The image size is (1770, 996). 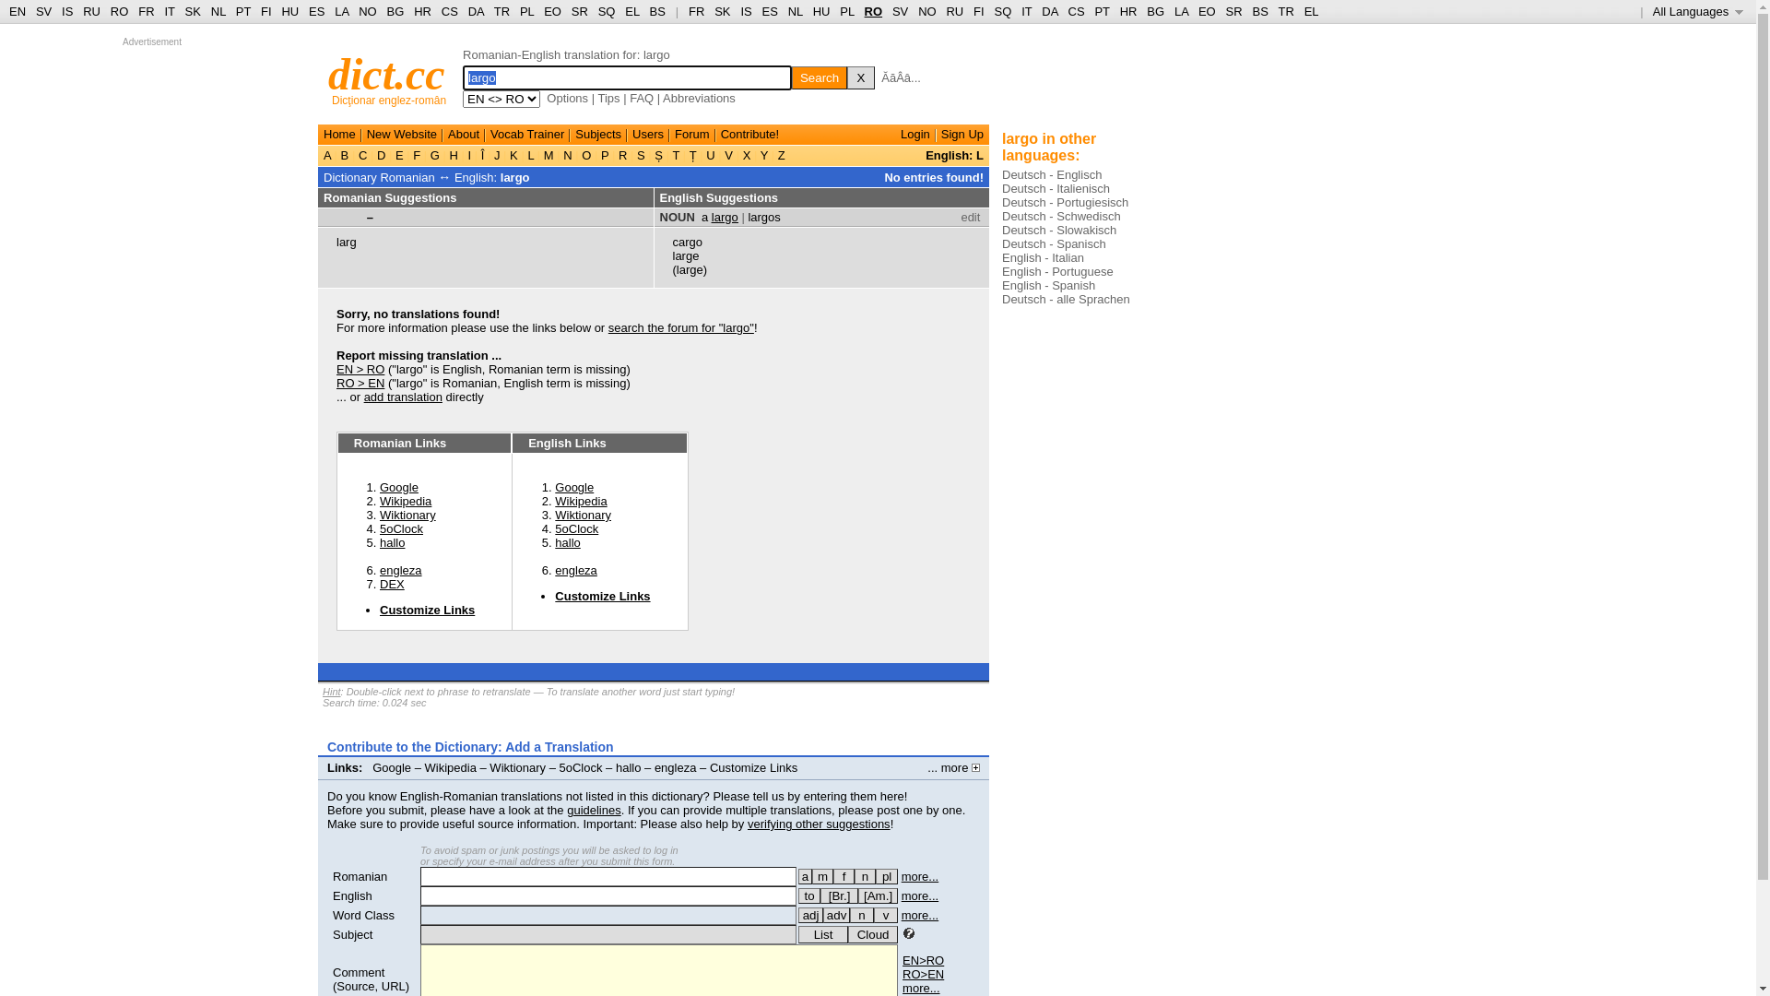 I want to click on 'engleza', so click(x=675, y=767).